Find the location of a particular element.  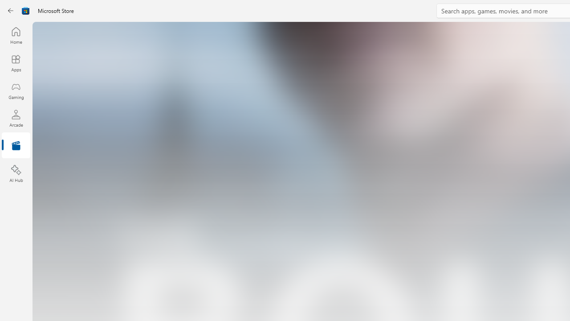

'AI Hub' is located at coordinates (16, 174).